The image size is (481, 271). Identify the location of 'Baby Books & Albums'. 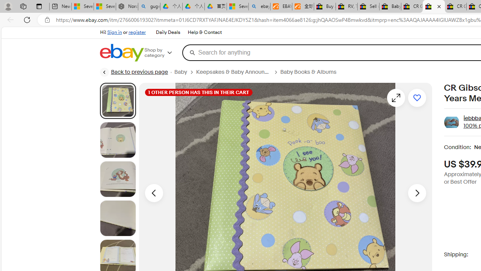
(311, 72).